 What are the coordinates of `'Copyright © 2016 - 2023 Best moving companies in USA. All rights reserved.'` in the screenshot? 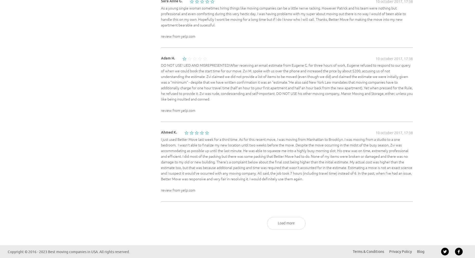 It's located at (68, 251).